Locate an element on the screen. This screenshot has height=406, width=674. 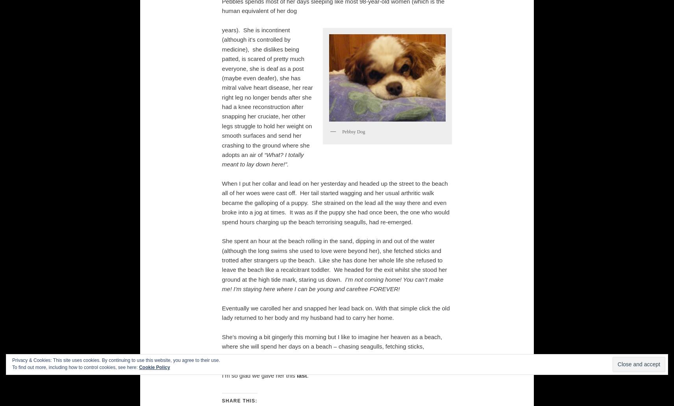
'“What? I totally meant to lay down here!”.' is located at coordinates (221, 159).